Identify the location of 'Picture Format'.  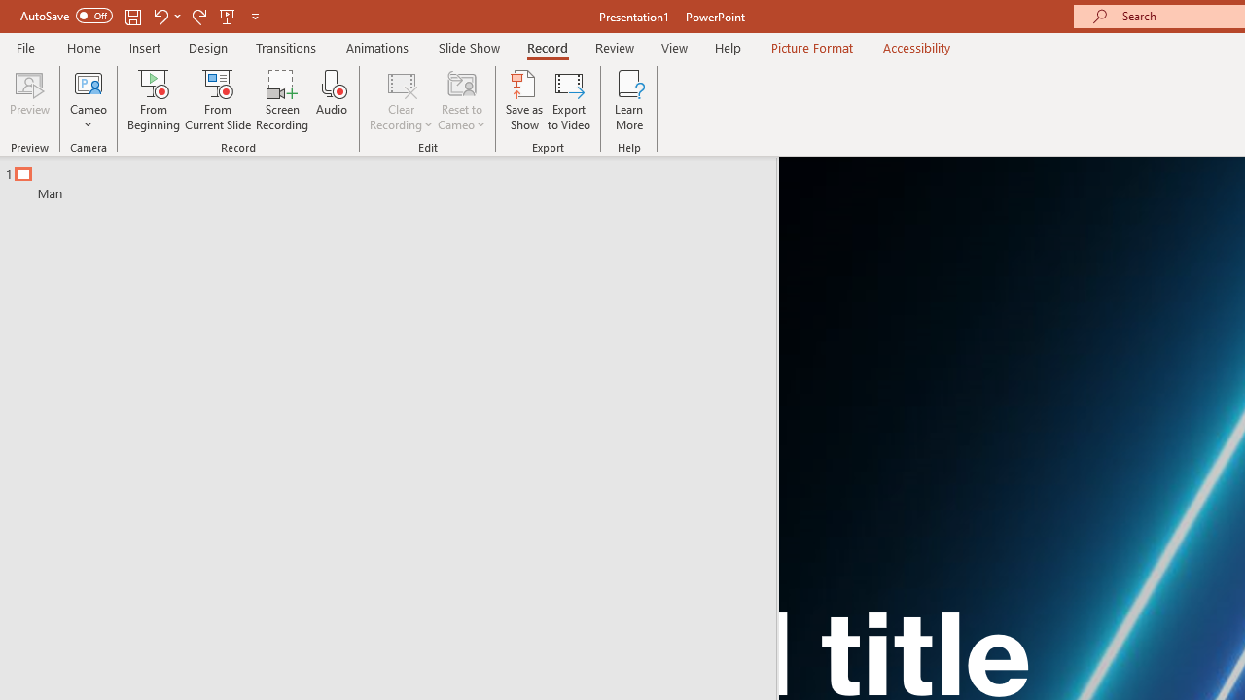
(812, 47).